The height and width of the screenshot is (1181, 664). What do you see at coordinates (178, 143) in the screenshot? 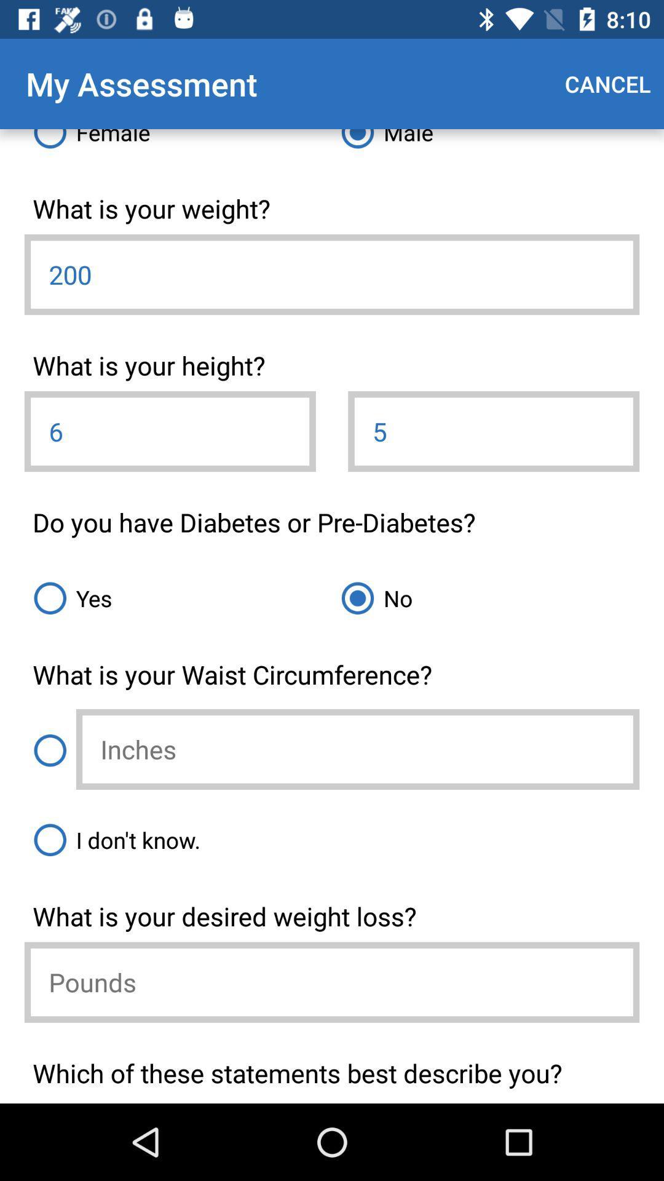
I see `item above what is your` at bounding box center [178, 143].